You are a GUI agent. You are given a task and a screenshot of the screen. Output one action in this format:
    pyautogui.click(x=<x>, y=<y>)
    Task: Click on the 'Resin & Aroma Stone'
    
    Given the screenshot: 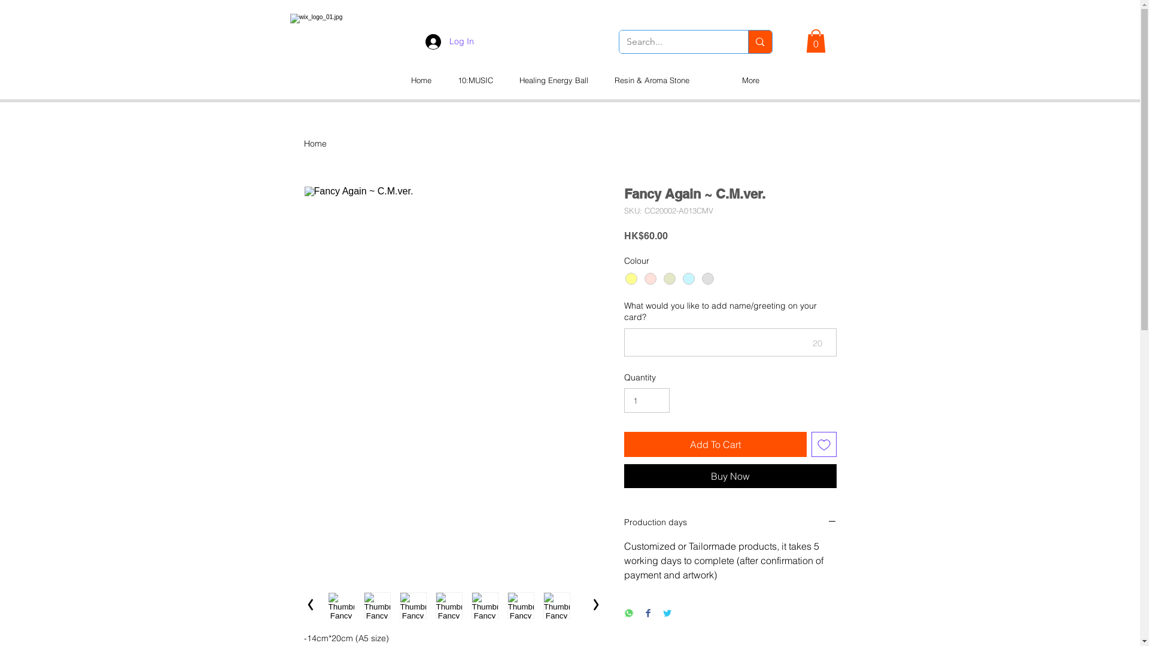 What is the action you would take?
    pyautogui.click(x=651, y=80)
    